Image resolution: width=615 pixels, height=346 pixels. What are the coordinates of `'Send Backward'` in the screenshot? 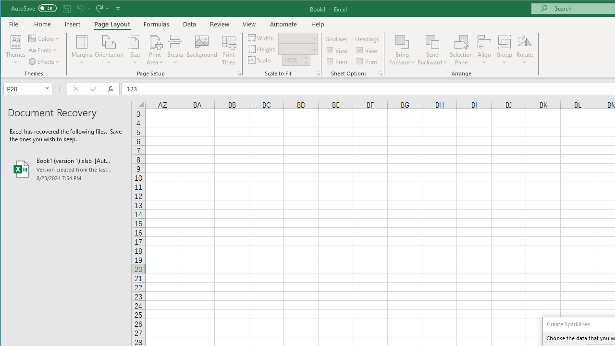 It's located at (432, 41).